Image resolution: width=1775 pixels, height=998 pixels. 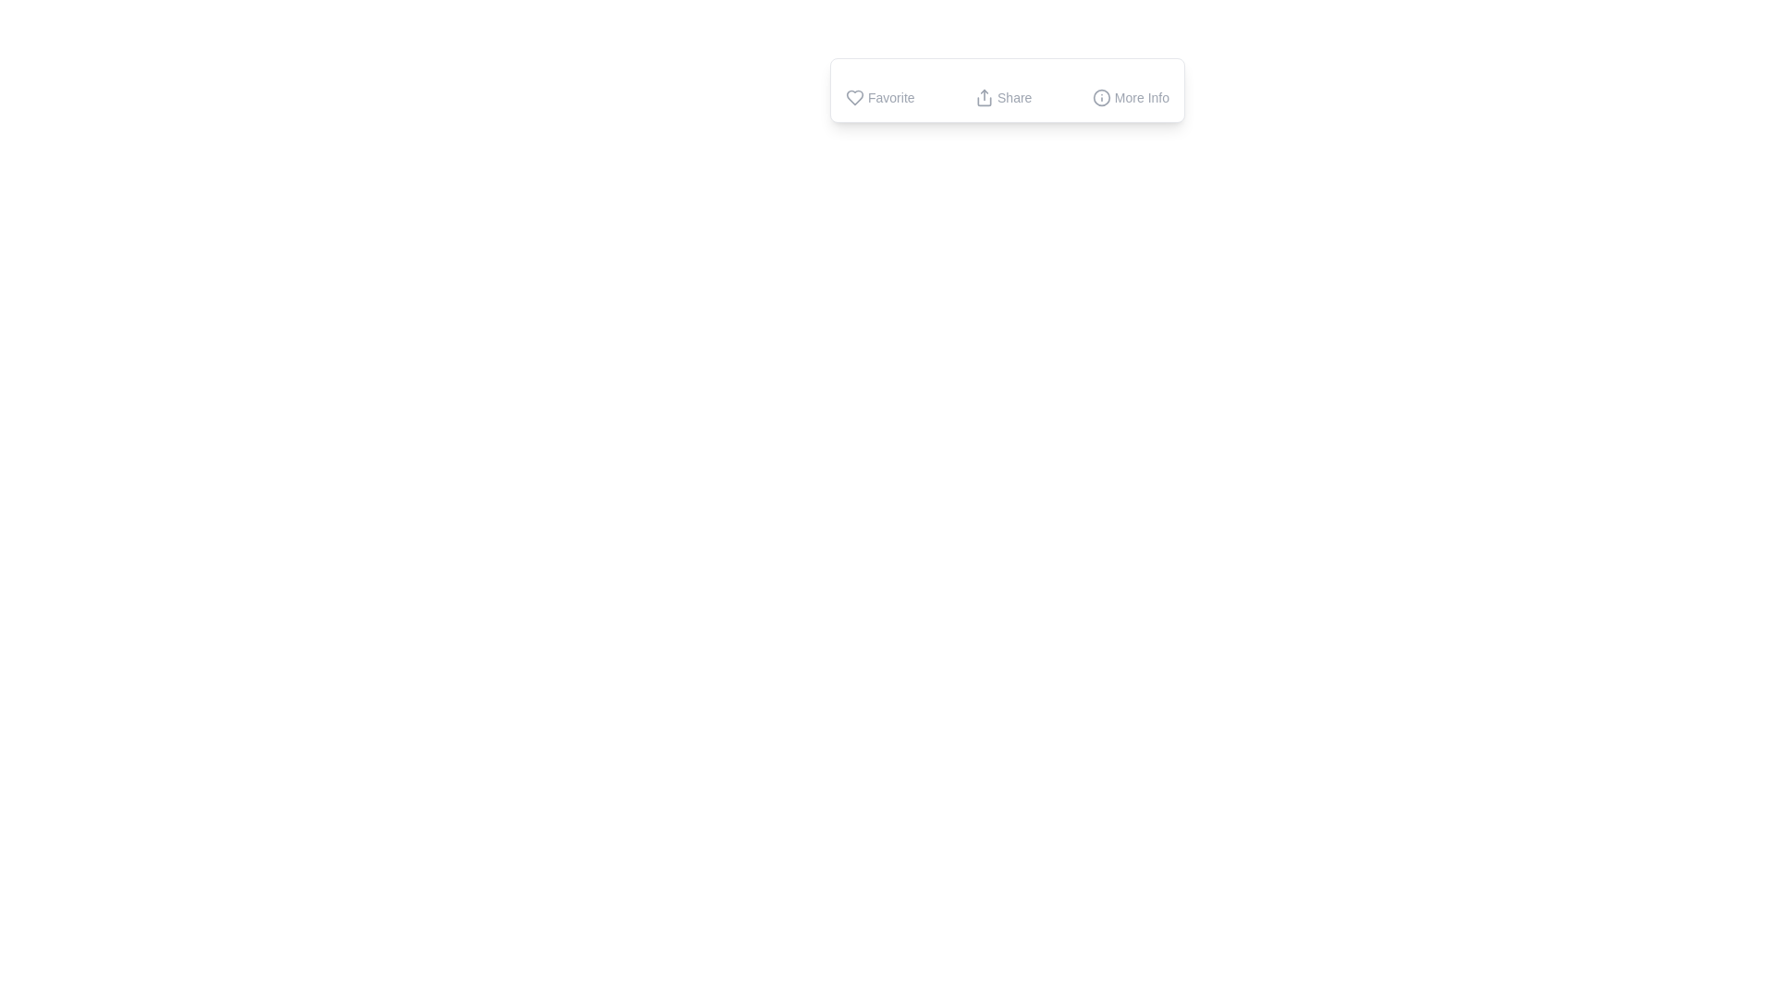 What do you see at coordinates (1013, 97) in the screenshot?
I see `the 'Share' label that reinforces the user action to share content, located next to the 'Share' icon in the top right section of the centered toolbar` at bounding box center [1013, 97].